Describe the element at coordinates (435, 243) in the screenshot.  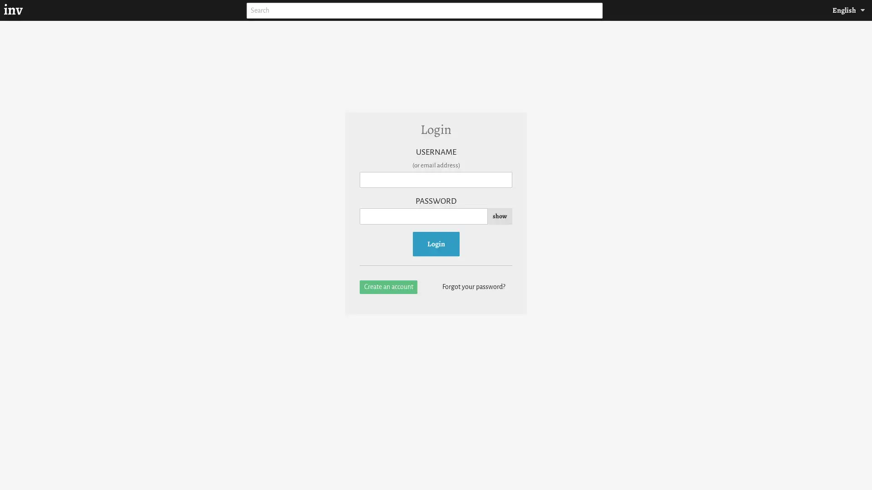
I see `Login` at that location.